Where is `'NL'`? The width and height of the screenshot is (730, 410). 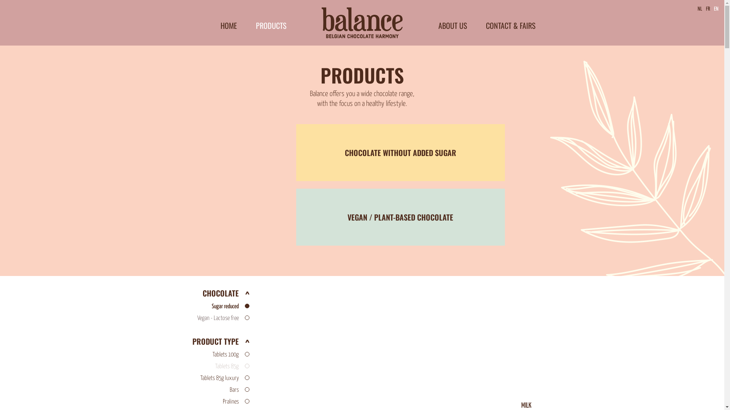 'NL' is located at coordinates (695, 9).